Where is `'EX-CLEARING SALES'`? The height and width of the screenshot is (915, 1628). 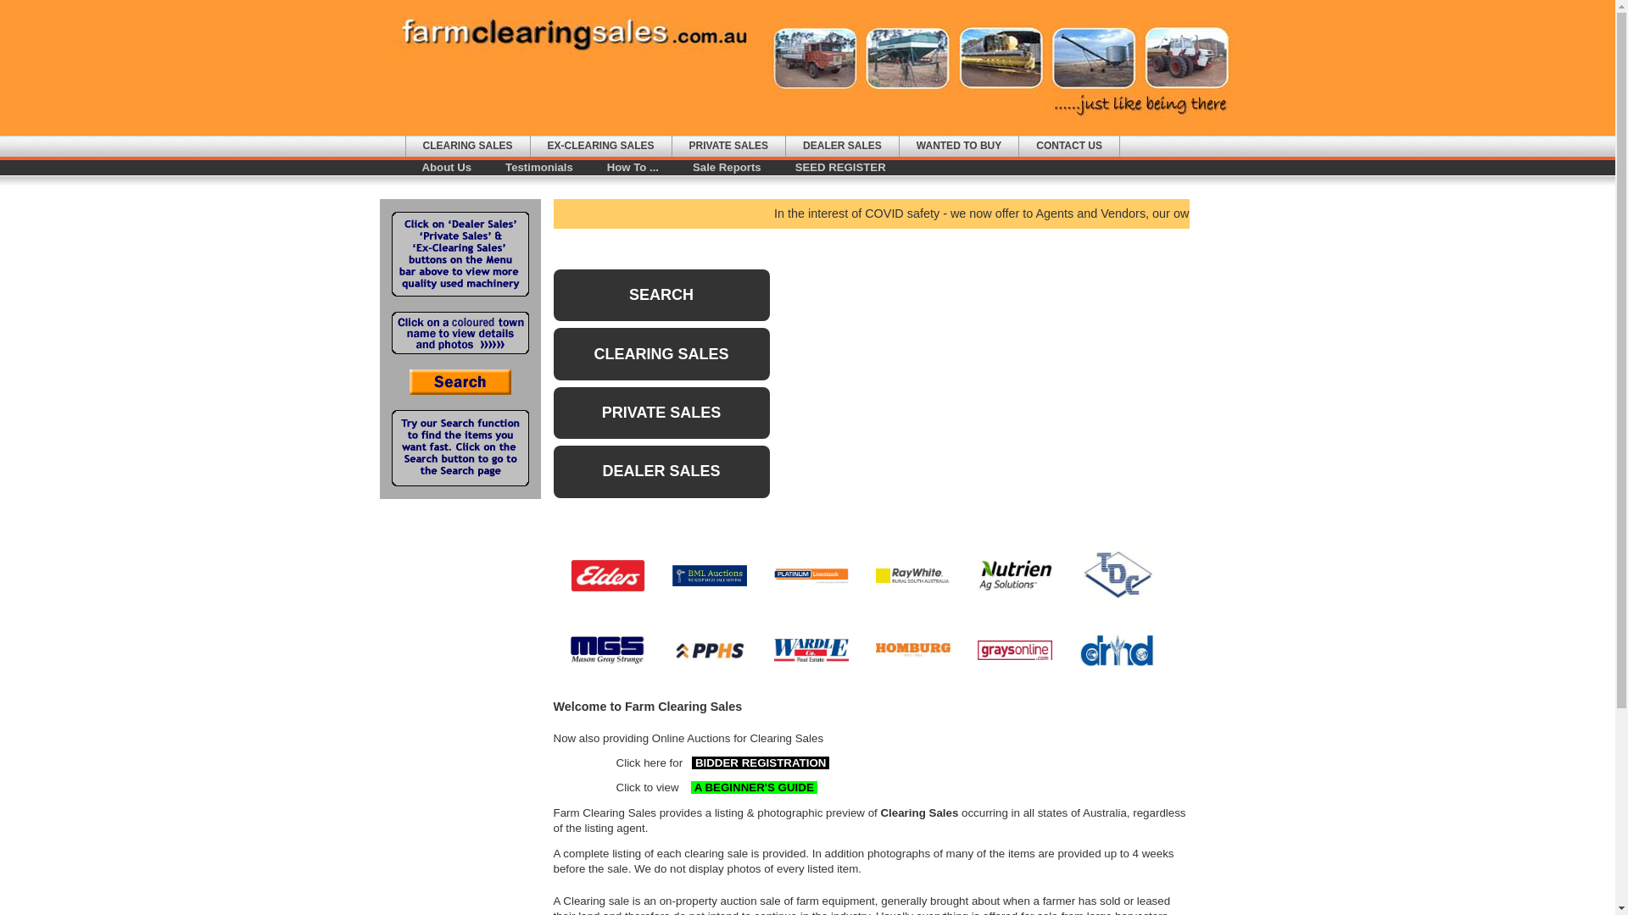
'EX-CLEARING SALES' is located at coordinates (601, 145).